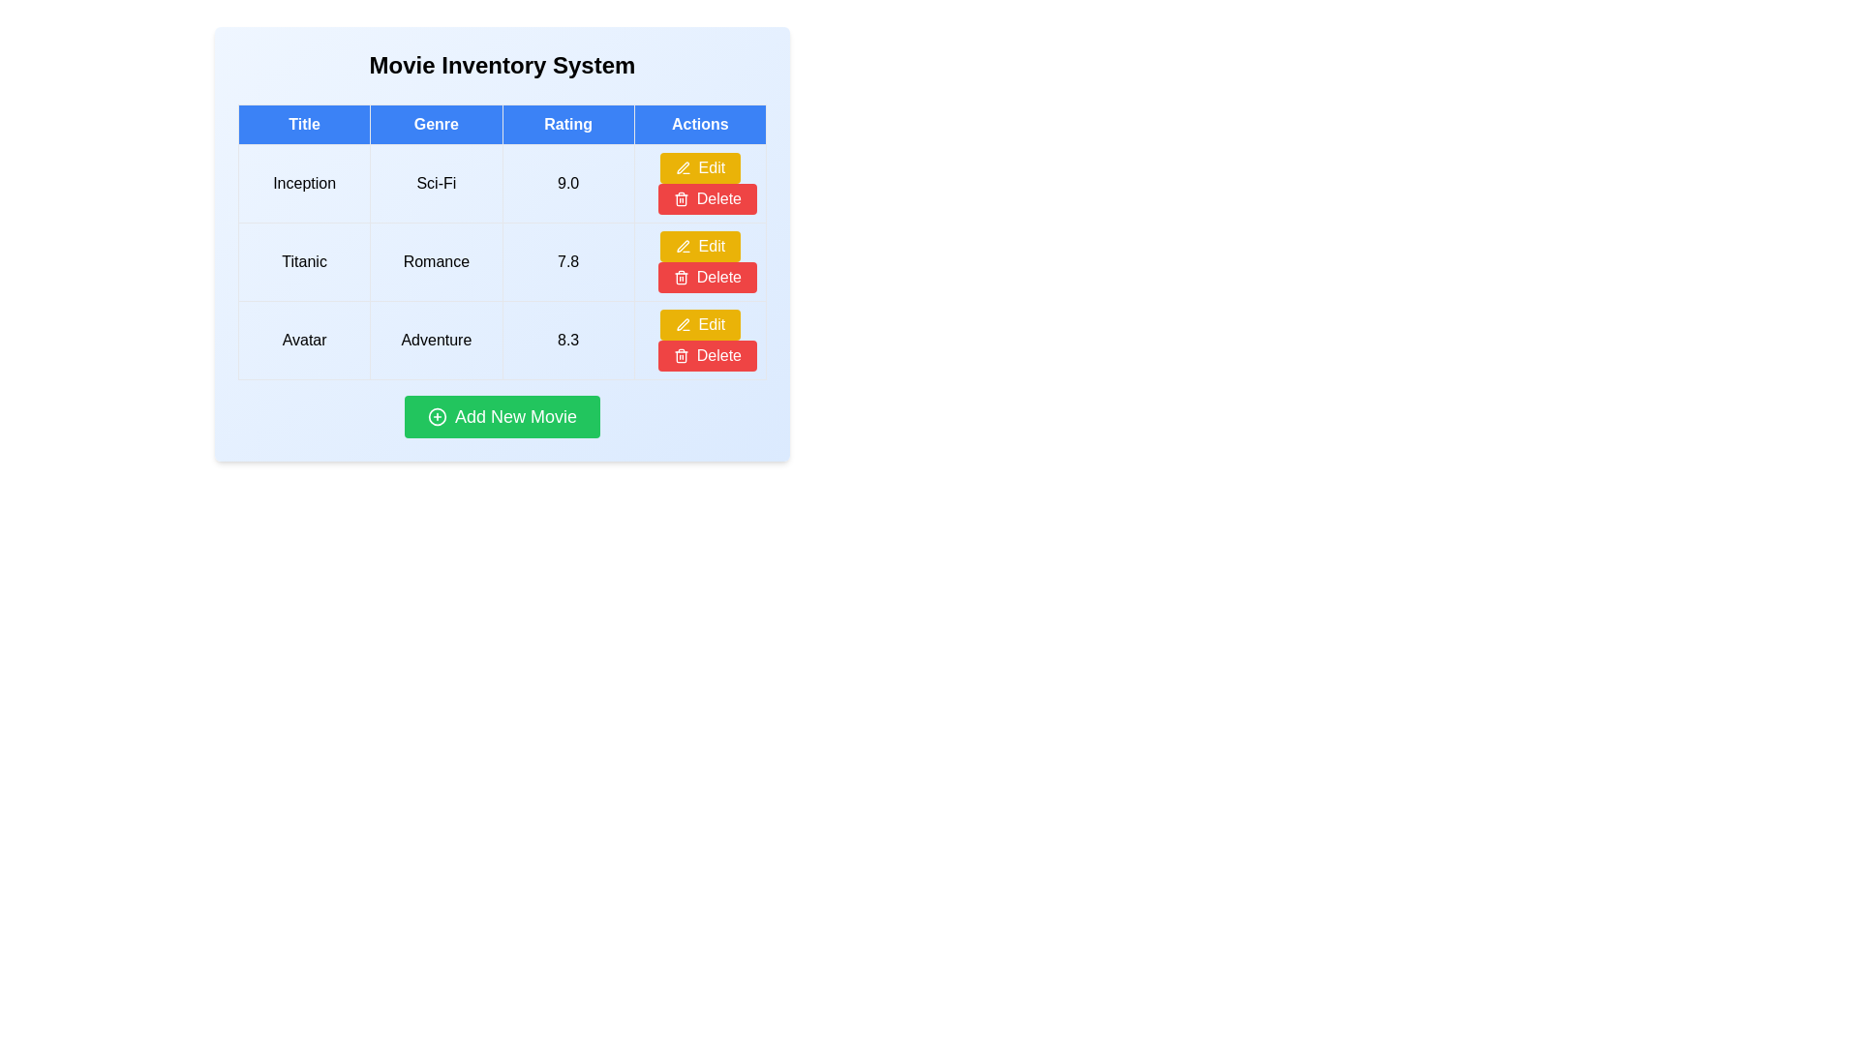 The height and width of the screenshot is (1045, 1859). Describe the element at coordinates (681, 200) in the screenshot. I see `the 'Delete' button associated with the trash icon for the movie 'Titanic' to trigger the delete action` at that location.